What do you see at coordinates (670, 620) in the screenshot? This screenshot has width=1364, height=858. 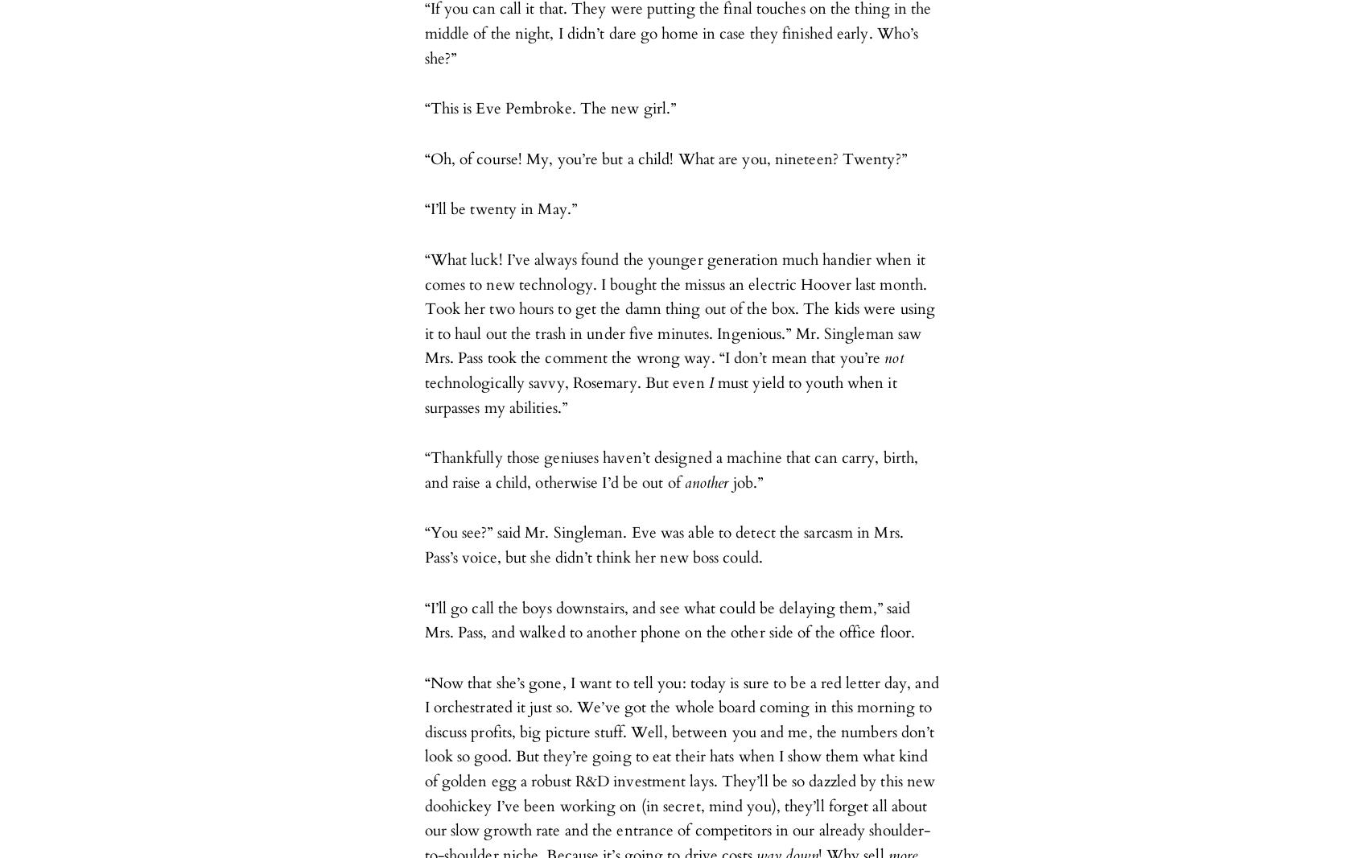 I see `'“I’ll go call the boys downstairs, and see what could be delaying them,” said Mrs. Pass, and walked to another phone on the other side of the office floor.'` at bounding box center [670, 620].